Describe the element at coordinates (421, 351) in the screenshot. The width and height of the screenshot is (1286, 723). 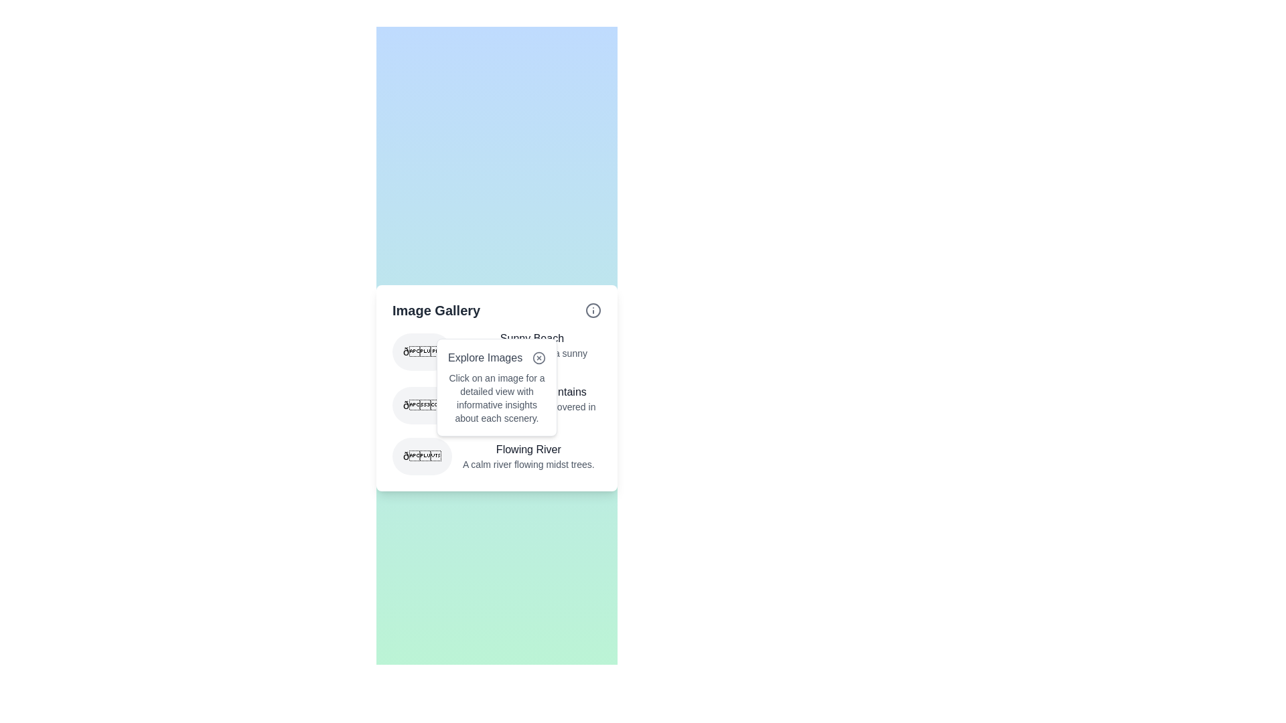
I see `the rounded icon with a light gray background containing a globe emoji, located to the left of the 'Sunny Beach' text in the gallery list item` at that location.